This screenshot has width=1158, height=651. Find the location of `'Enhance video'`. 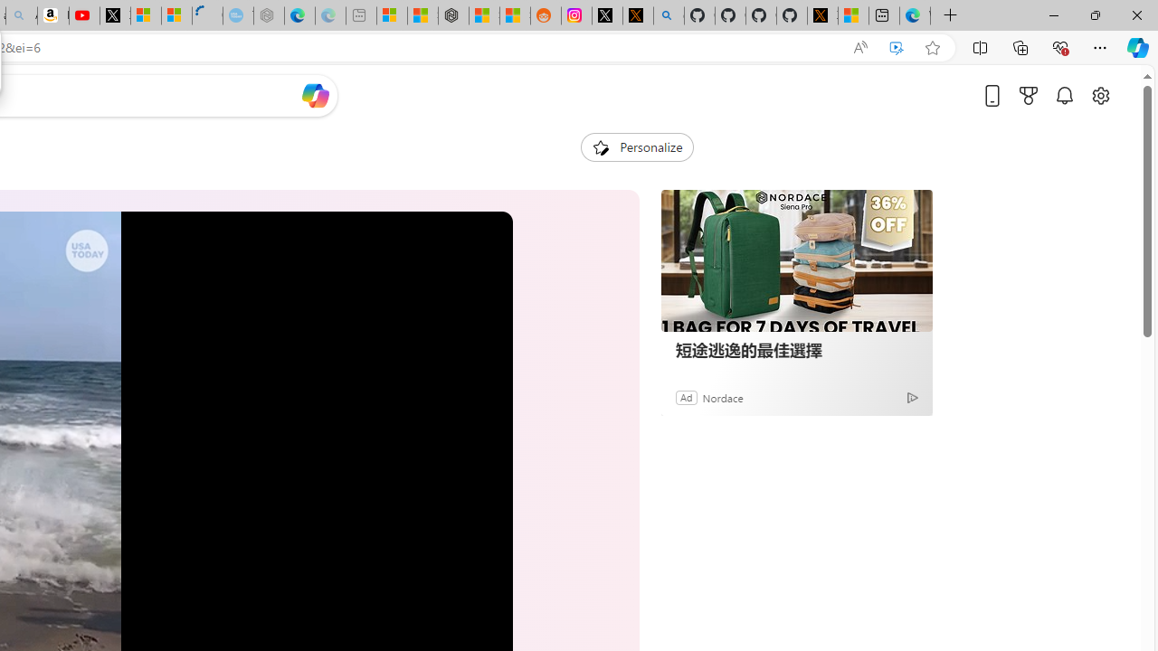

'Enhance video' is located at coordinates (897, 47).